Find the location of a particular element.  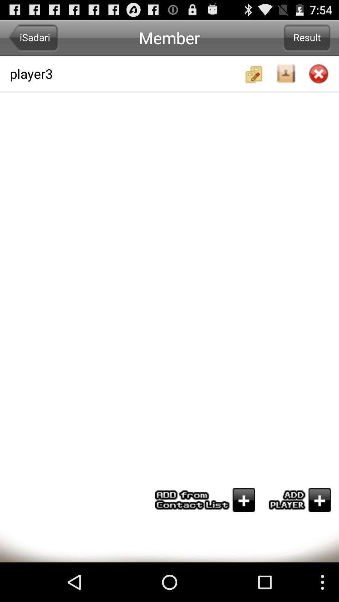

add from contact list is located at coordinates (205, 499).